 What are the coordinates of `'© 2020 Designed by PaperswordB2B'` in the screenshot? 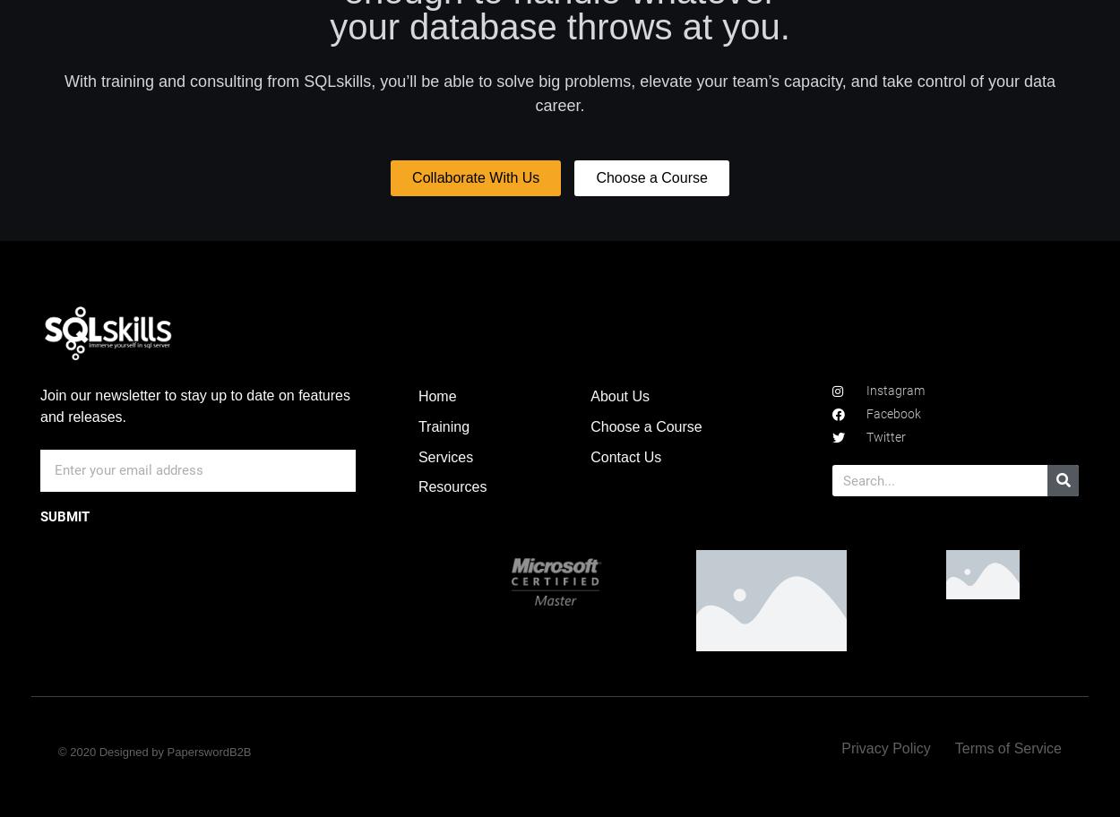 It's located at (154, 752).